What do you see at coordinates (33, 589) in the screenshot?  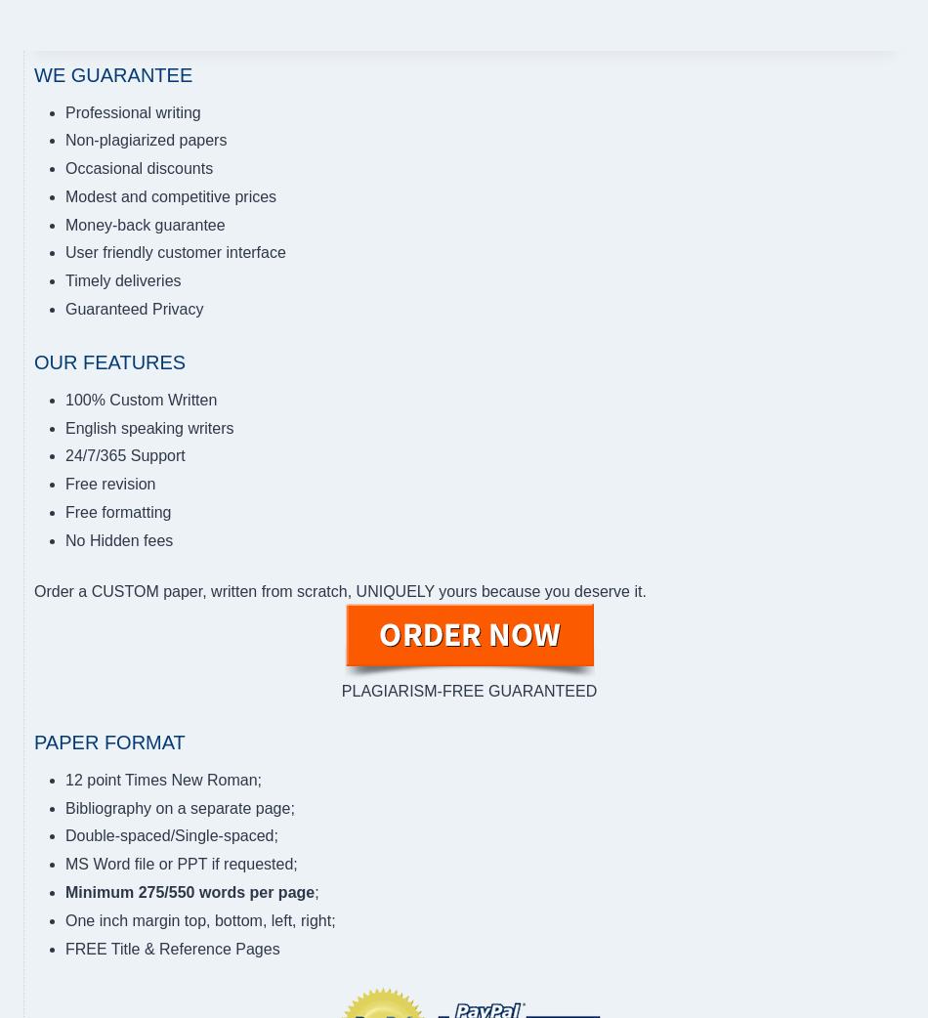 I see `'Order a CUSTOM paper, written from scratch, UNIQUELY yours because you deserve it.'` at bounding box center [33, 589].